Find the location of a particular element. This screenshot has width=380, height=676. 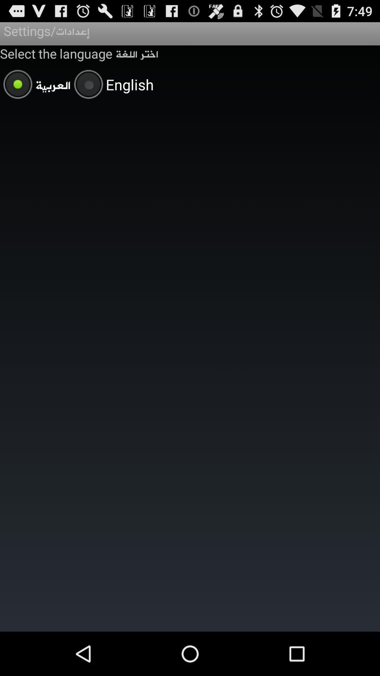

radio button next to the english is located at coordinates (35, 85).